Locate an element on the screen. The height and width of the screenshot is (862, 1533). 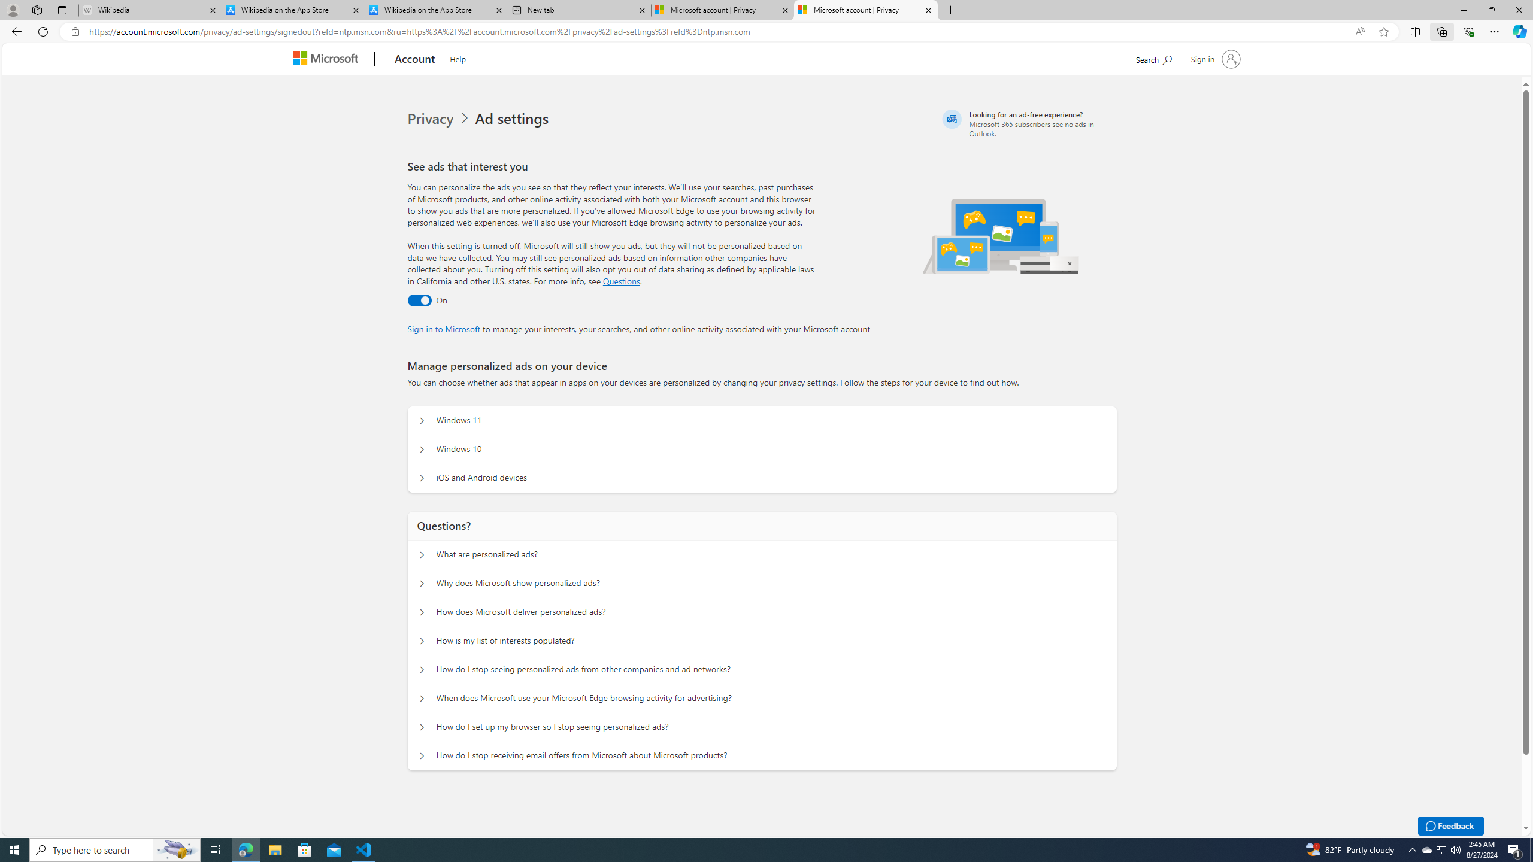
'Ad settings' is located at coordinates (513, 119).